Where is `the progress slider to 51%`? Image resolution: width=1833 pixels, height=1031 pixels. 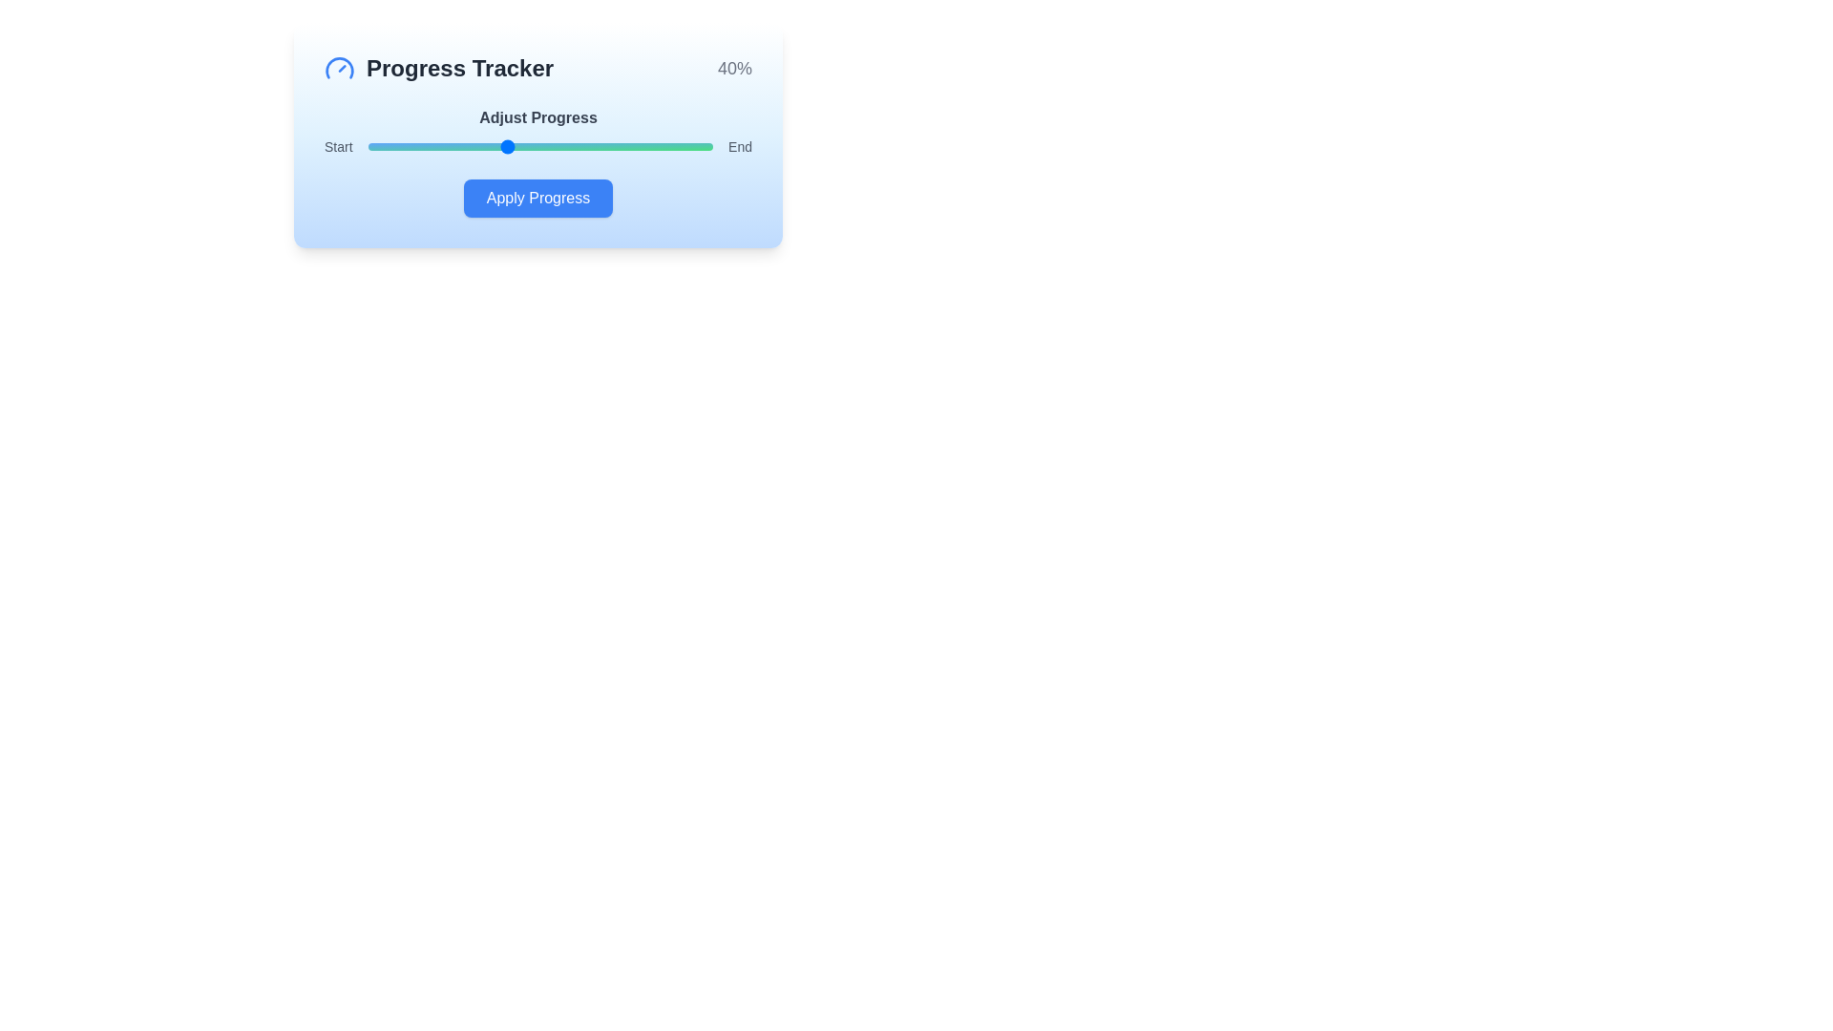
the progress slider to 51% is located at coordinates (542, 146).